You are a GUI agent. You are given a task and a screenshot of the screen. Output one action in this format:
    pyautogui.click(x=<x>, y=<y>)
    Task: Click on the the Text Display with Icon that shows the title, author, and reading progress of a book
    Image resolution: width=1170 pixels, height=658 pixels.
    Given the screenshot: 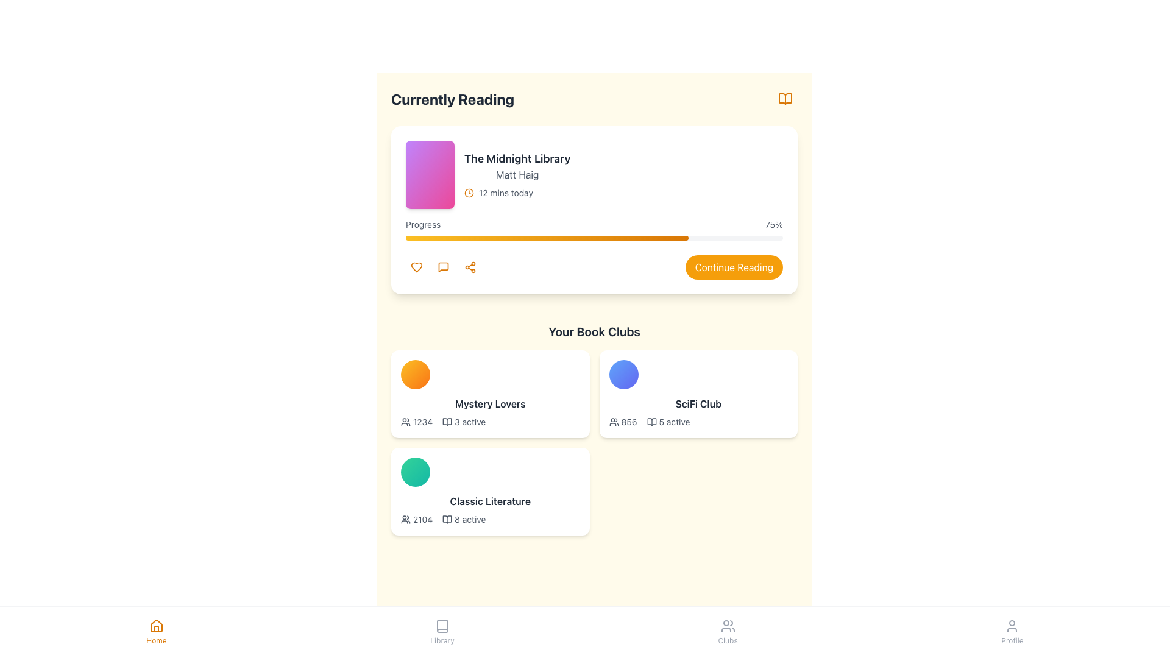 What is the action you would take?
    pyautogui.click(x=517, y=174)
    